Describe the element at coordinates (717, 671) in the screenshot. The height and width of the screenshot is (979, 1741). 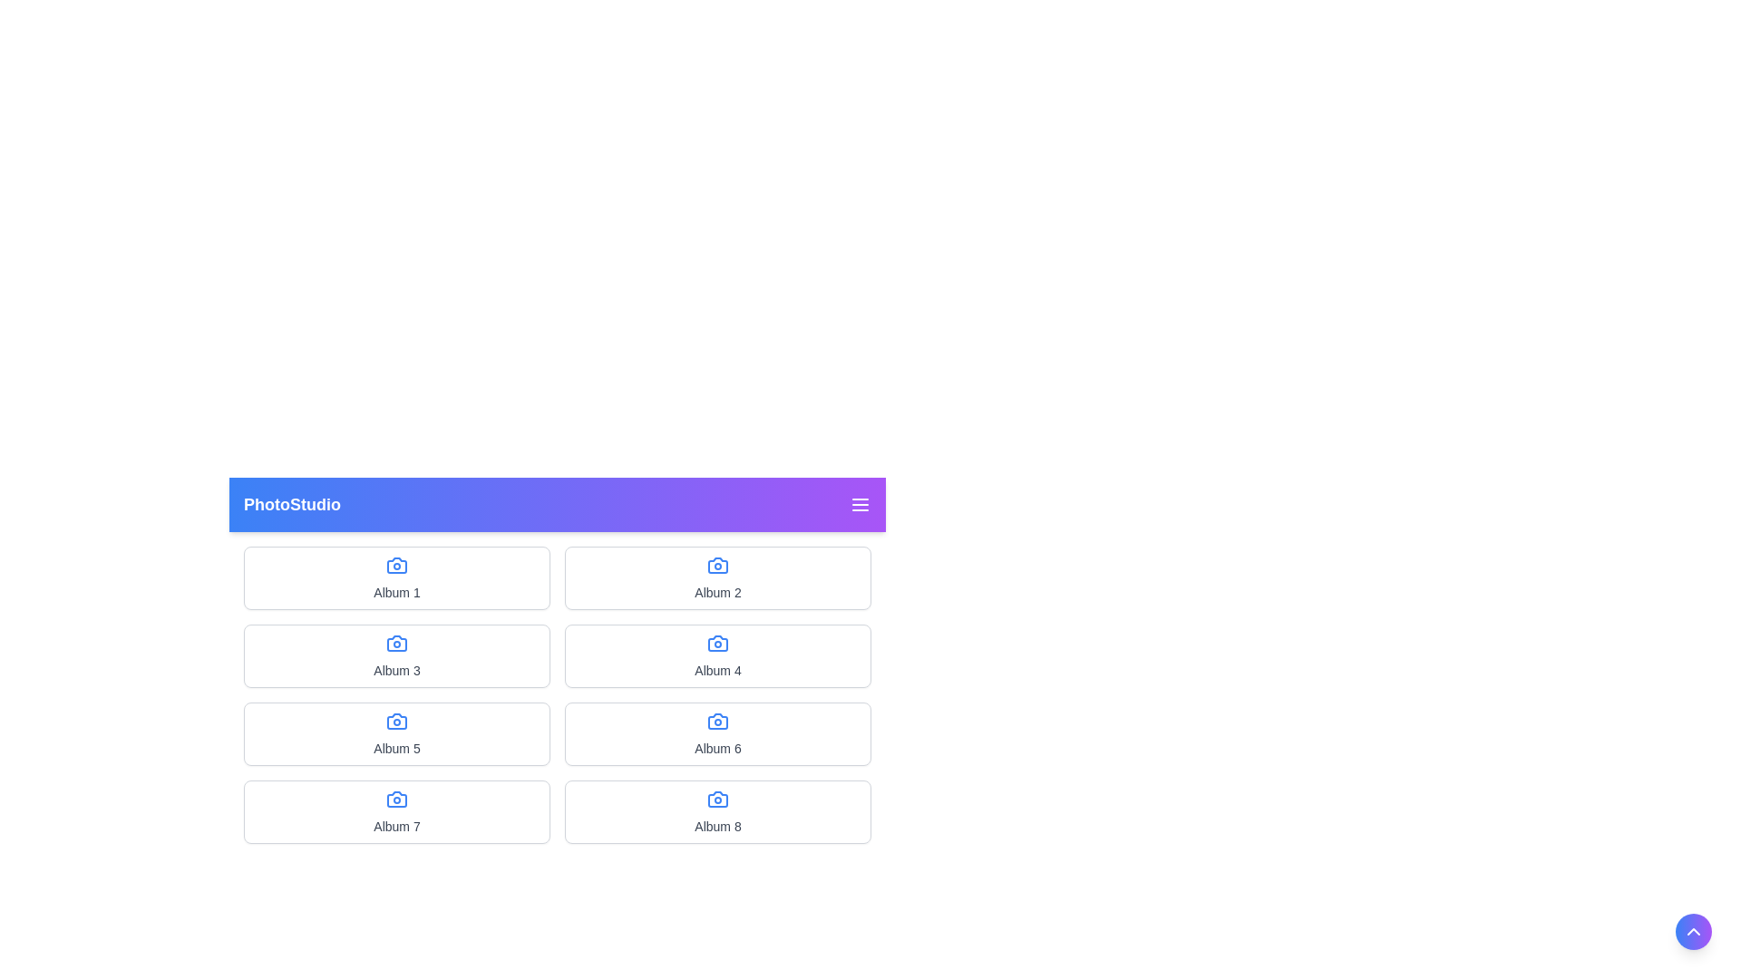
I see `text label displaying 'Album 4' located below the camera icon in the second column of the second row of the album grid` at that location.